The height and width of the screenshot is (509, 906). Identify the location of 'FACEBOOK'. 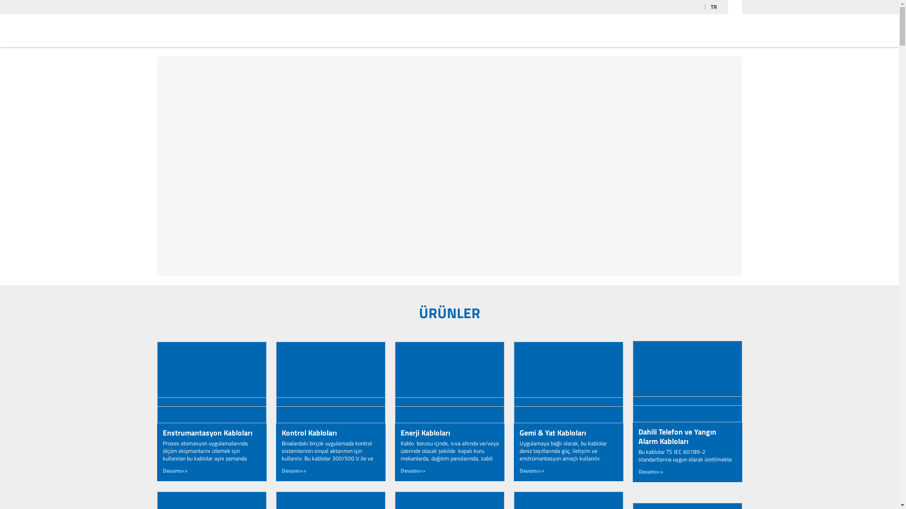
(677, 7).